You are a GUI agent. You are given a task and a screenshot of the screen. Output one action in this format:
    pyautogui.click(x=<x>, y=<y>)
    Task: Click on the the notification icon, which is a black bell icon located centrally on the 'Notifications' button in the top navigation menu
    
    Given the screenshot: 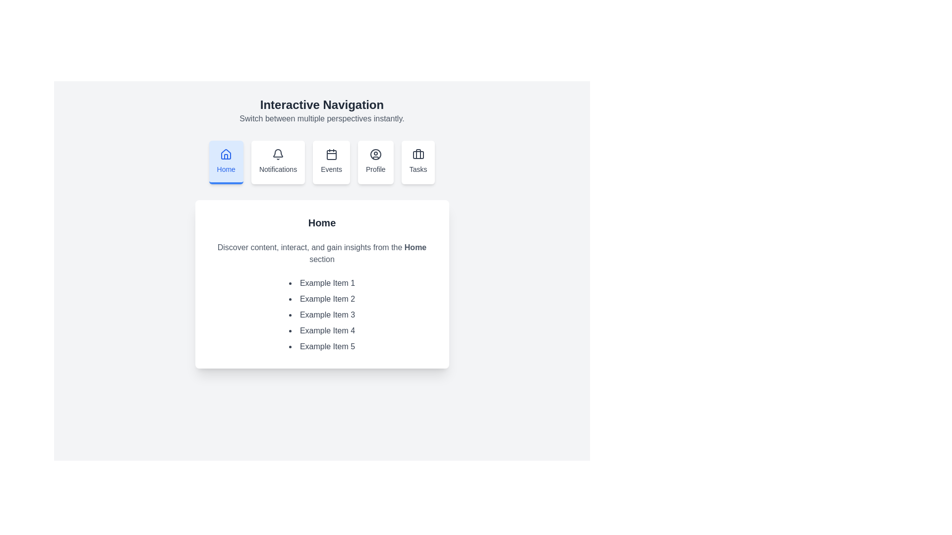 What is the action you would take?
    pyautogui.click(x=278, y=155)
    